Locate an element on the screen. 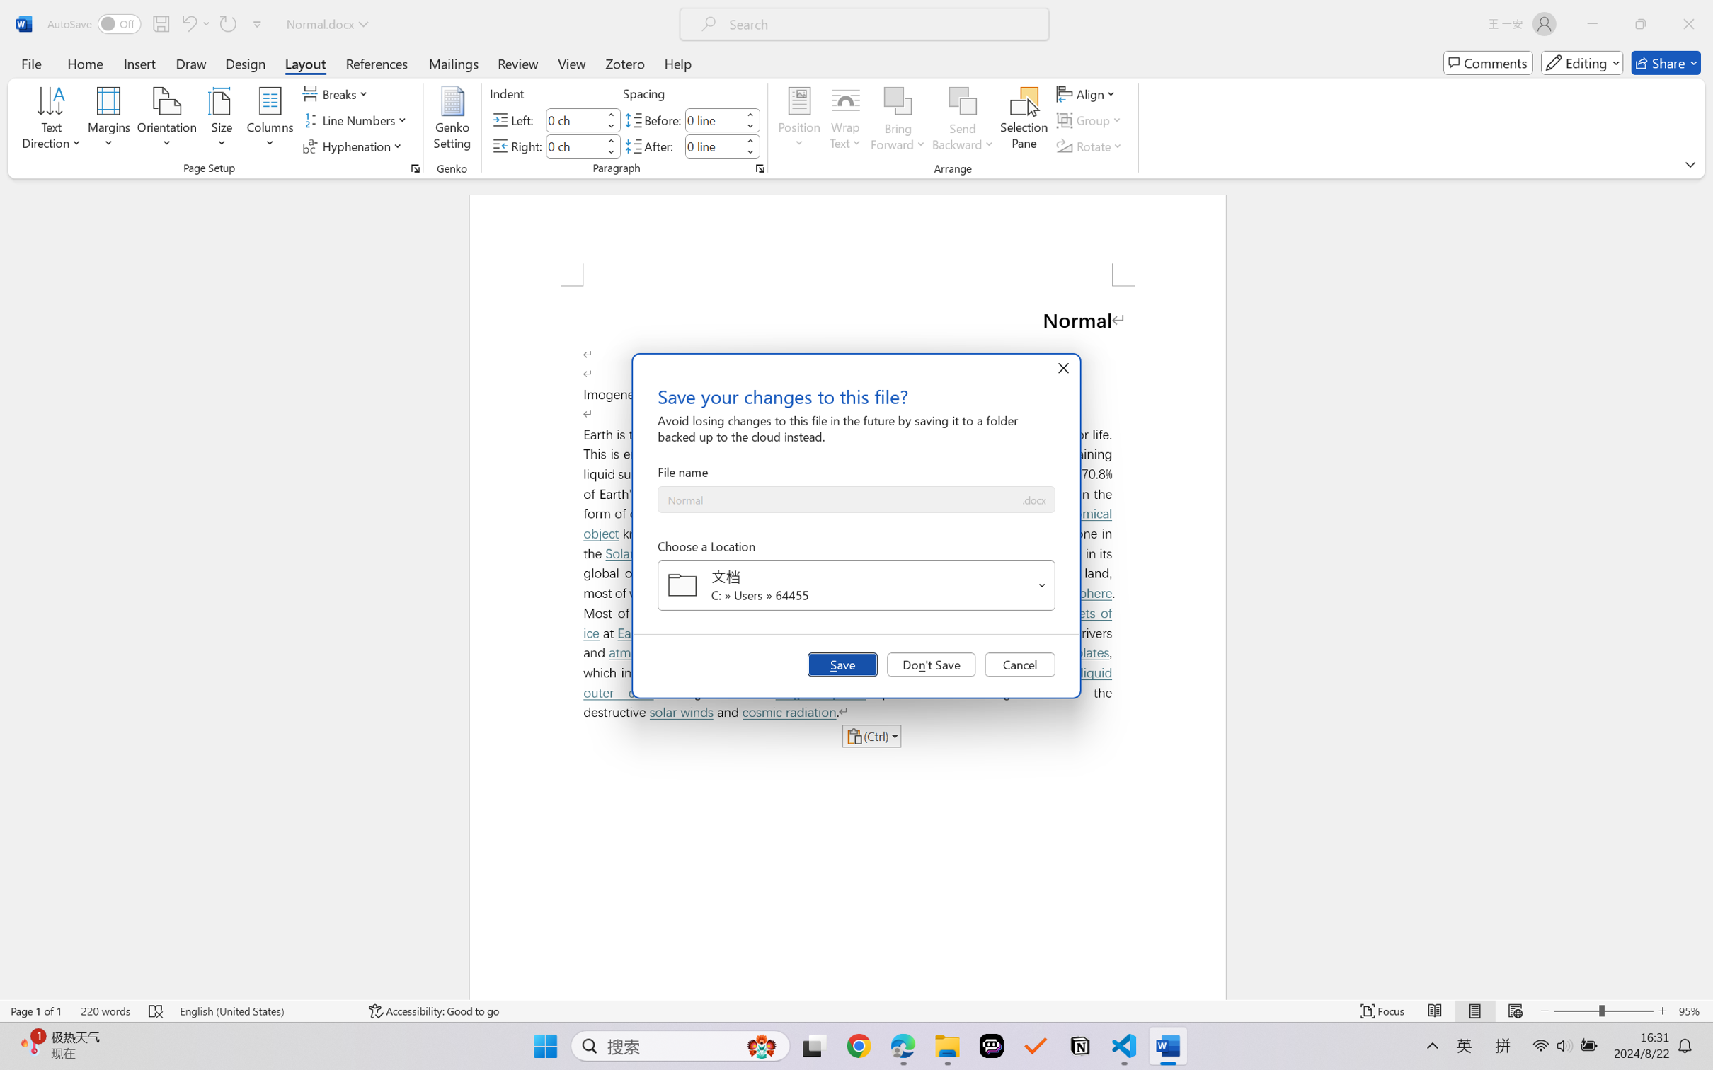 The image size is (1713, 1070). 'Selection Pane...' is located at coordinates (1023, 120).